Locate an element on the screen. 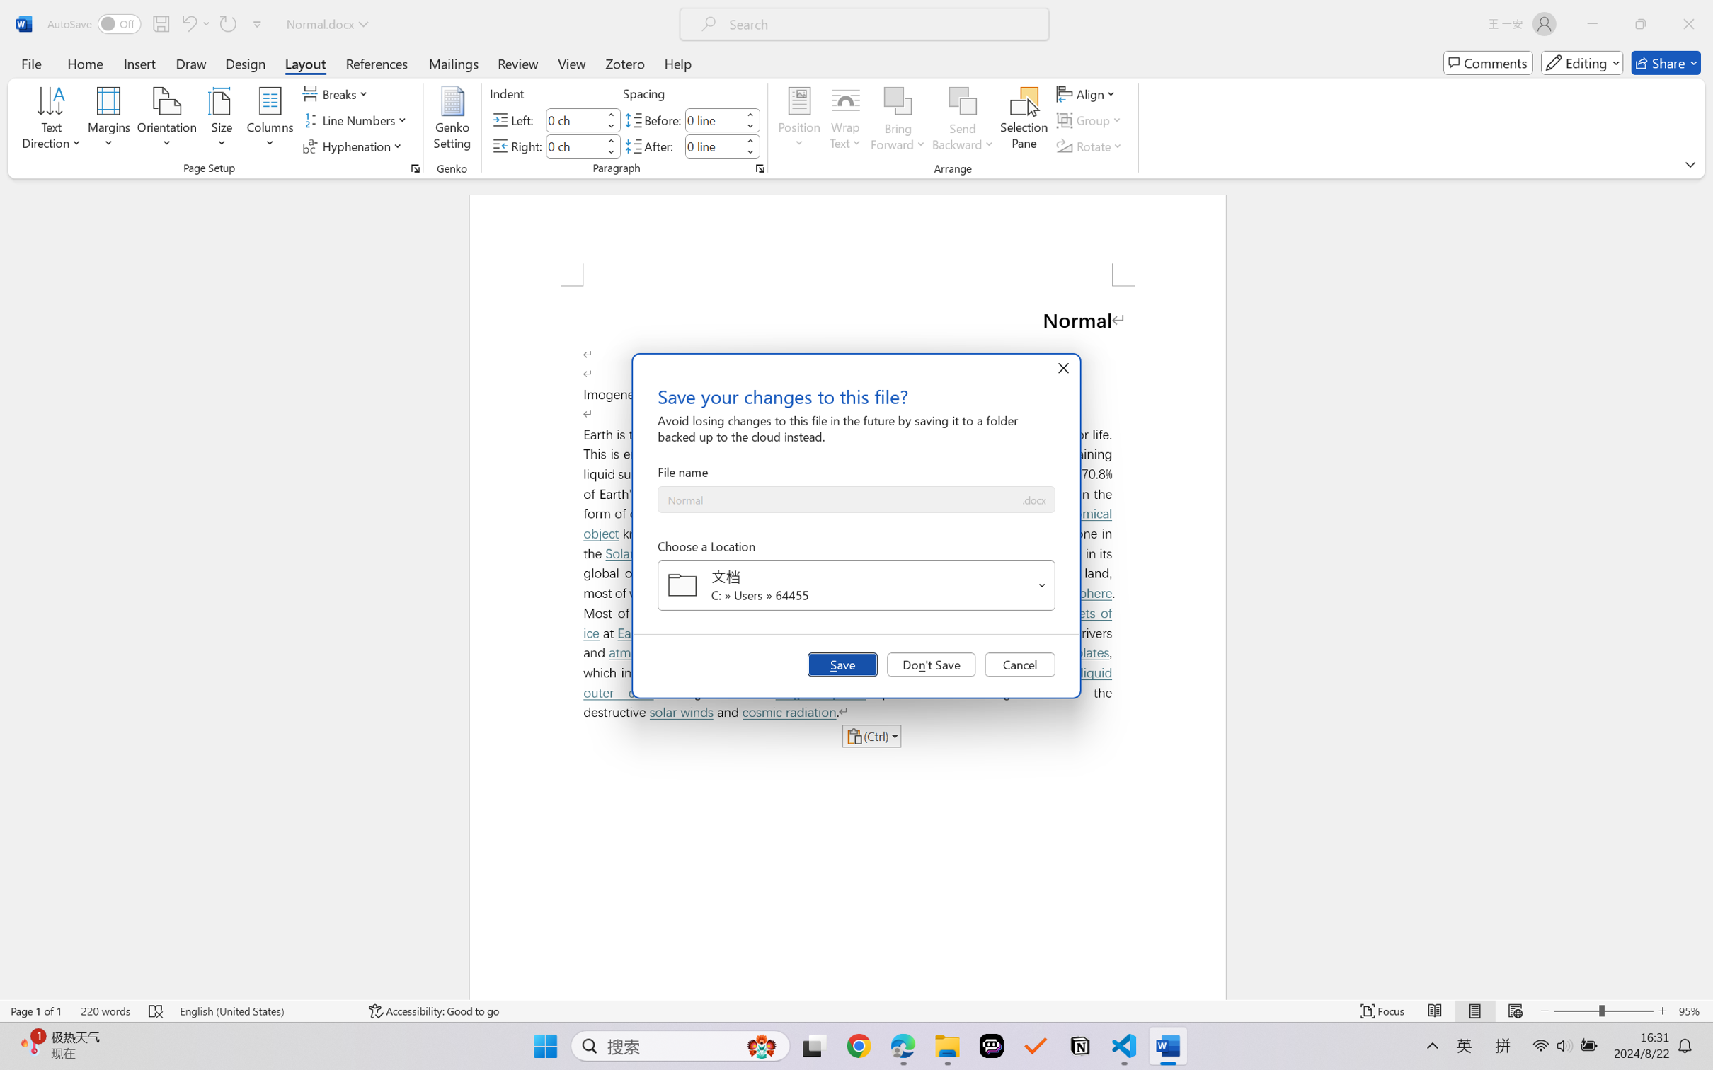 The image size is (1713, 1070). 'Selection Pane...' is located at coordinates (1023, 120).